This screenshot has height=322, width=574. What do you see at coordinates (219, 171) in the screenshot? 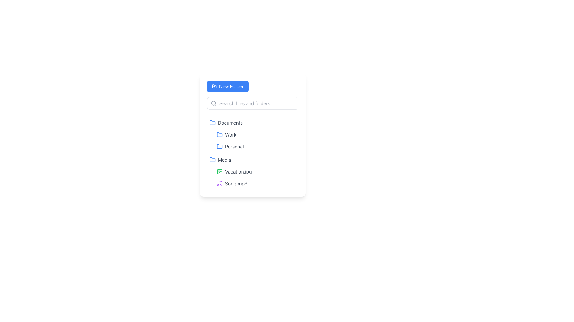
I see `the image preview icon for the file 'Vacation.jpg'` at bounding box center [219, 171].